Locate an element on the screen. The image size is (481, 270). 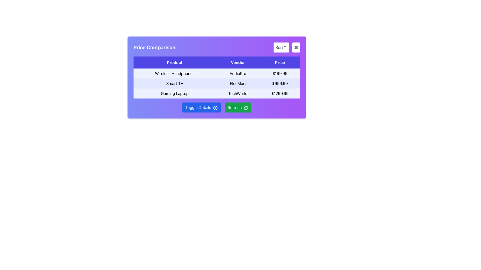
the table row presenting the product 'Gaming Laptop' from the 'Price Comparison' section is located at coordinates (217, 93).